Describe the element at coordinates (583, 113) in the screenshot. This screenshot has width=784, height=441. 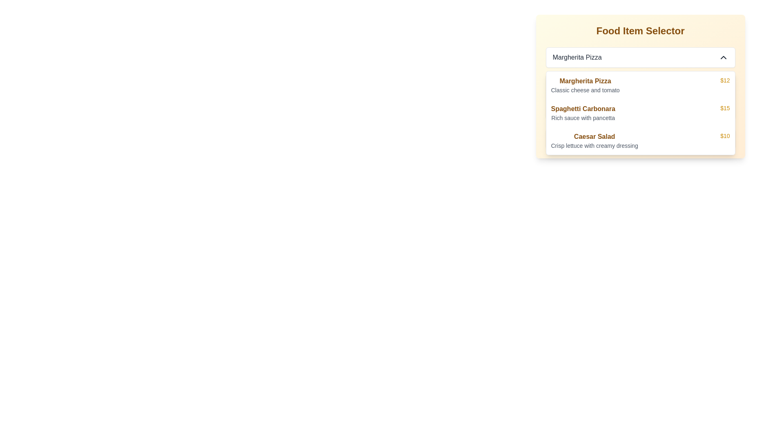
I see `the 'Spaghetti Carbonara' text block, which is the second item in the 'Food Item Selector' menu` at that location.